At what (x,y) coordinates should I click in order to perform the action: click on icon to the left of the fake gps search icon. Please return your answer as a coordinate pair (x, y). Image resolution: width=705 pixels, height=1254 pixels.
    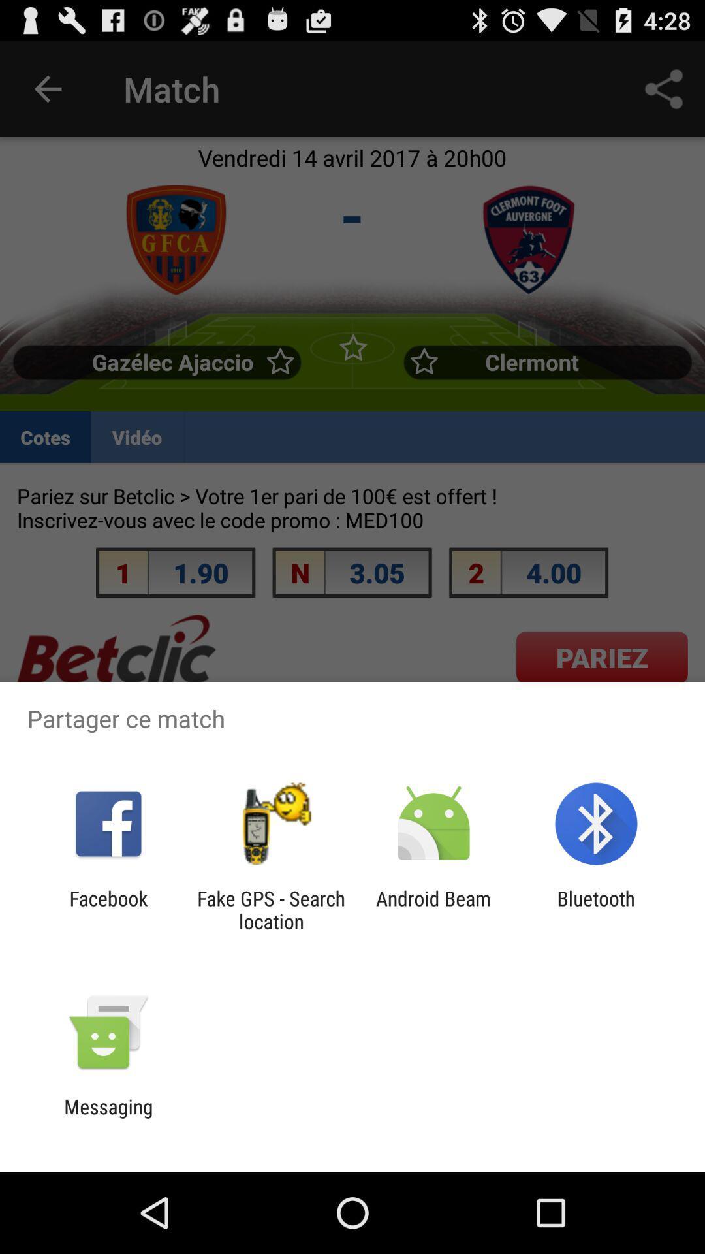
    Looking at the image, I should click on (108, 909).